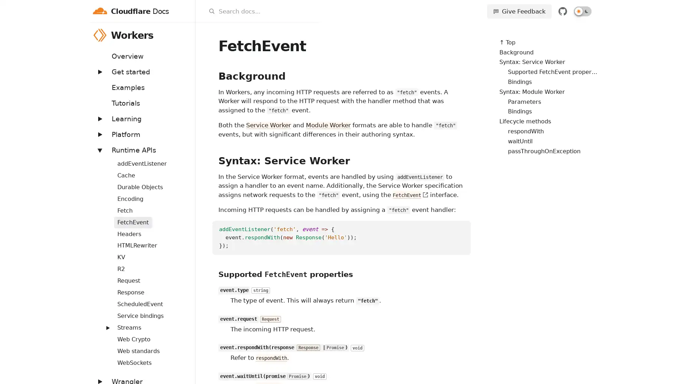  Describe the element at coordinates (186, 35) in the screenshot. I see `Workers menu` at that location.